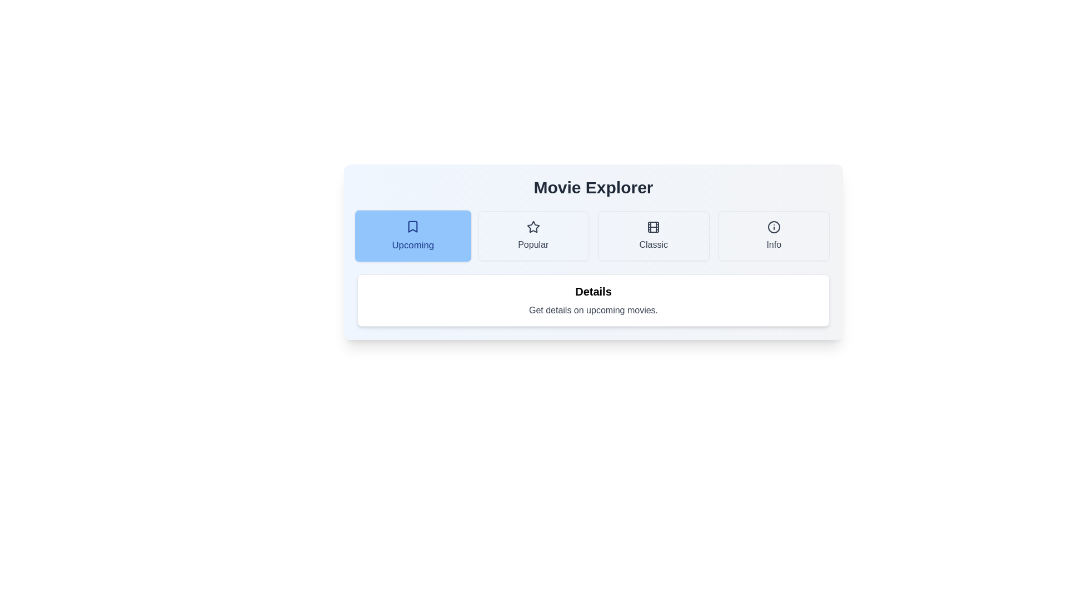 The image size is (1067, 600). What do you see at coordinates (593, 311) in the screenshot?
I see `the static text element that reads 'Get details on upcoming movies.' which is styled in gray and positioned below the 'Details' heading` at bounding box center [593, 311].